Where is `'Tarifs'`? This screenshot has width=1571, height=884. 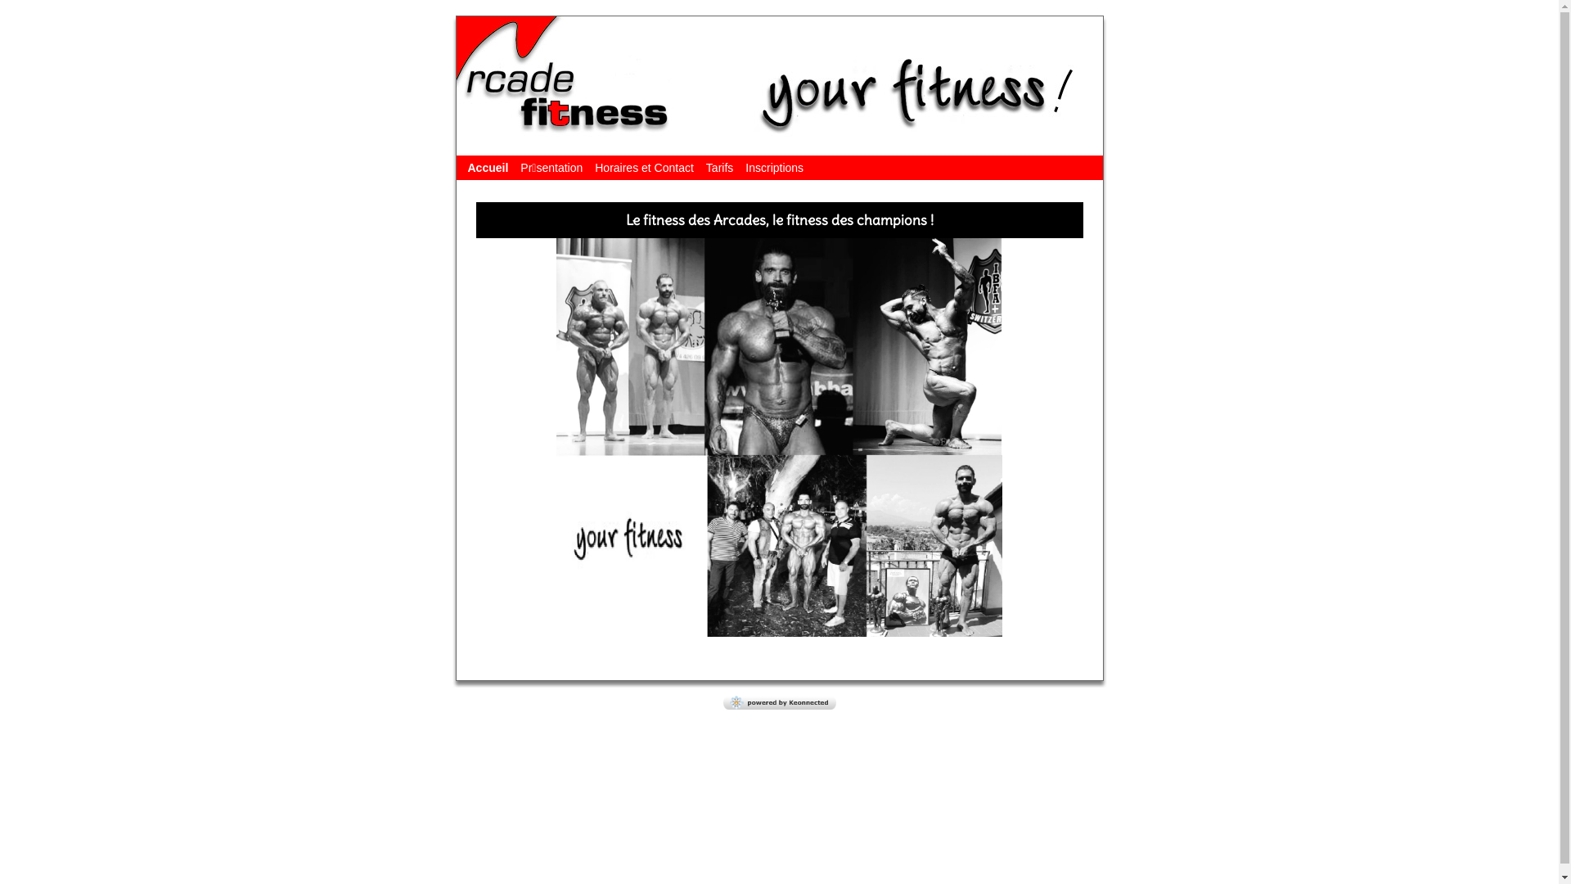 'Tarifs' is located at coordinates (719, 167).